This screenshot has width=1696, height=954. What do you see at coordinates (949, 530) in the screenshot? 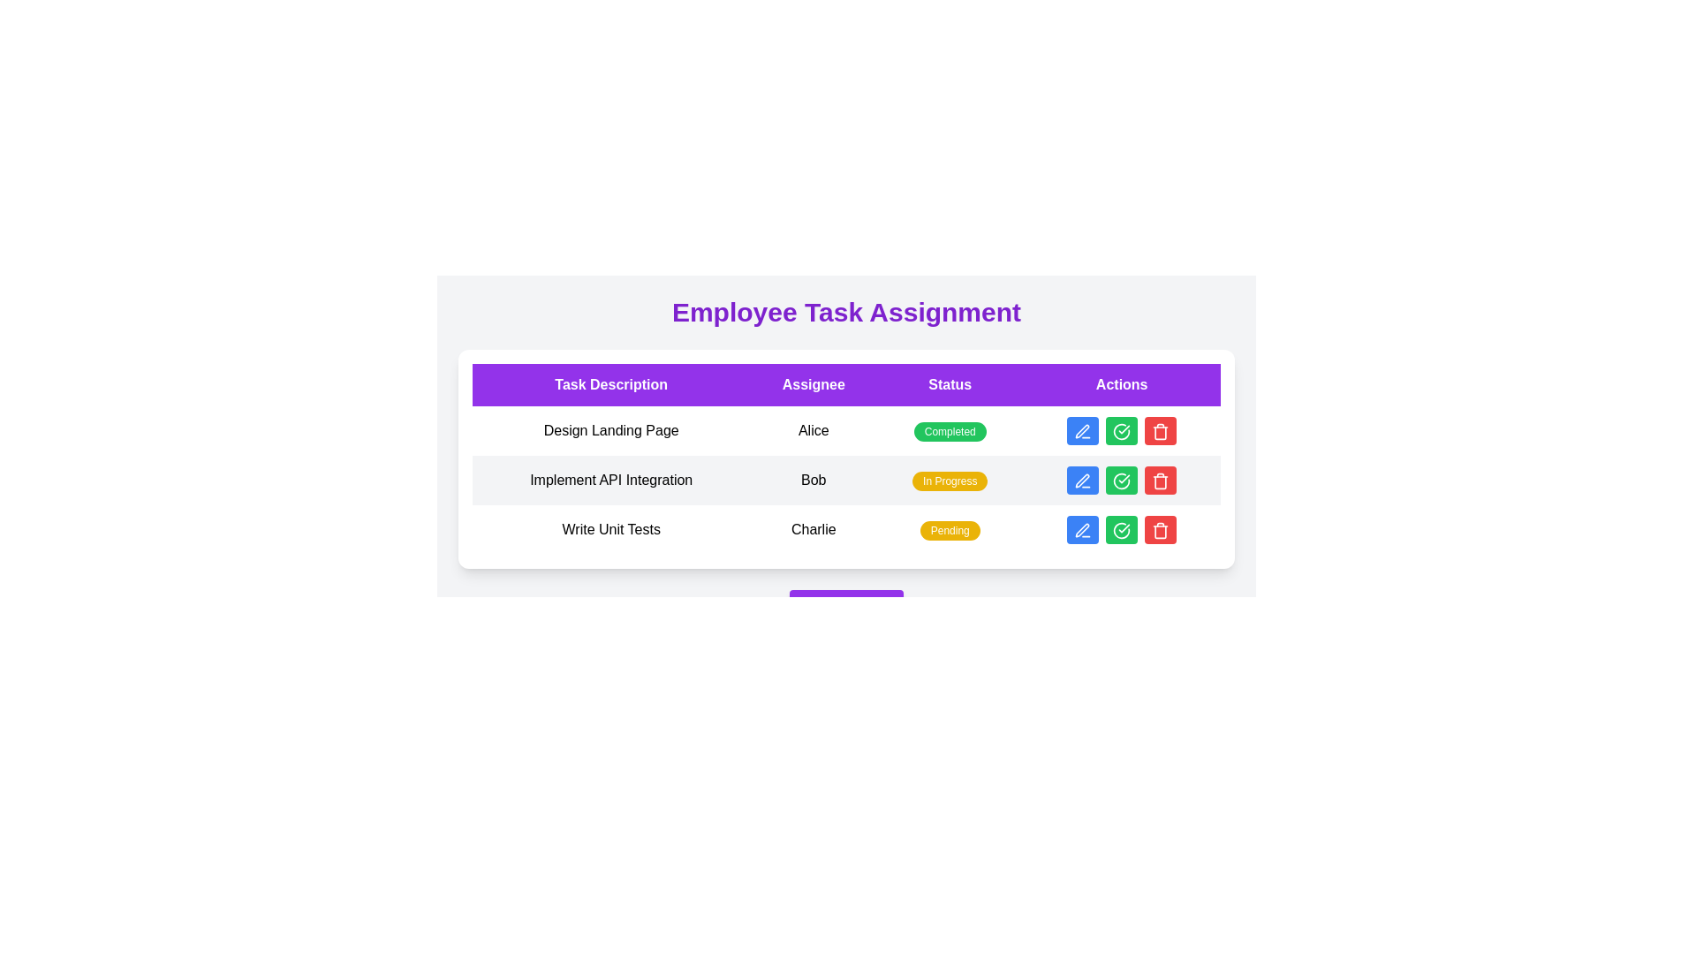
I see `the 'Pending' badge with a yellow background located in the 'Status' column of the third row corresponding to the task 'Write Unit Tests' assigned to 'Charlie'` at bounding box center [949, 530].